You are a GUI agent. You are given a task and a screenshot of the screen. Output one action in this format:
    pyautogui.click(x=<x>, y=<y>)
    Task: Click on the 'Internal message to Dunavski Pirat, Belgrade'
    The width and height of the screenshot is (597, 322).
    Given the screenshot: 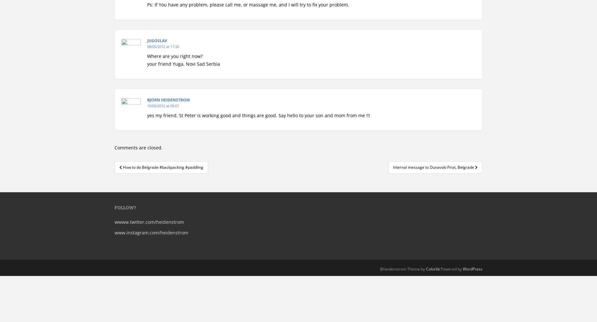 What is the action you would take?
    pyautogui.click(x=433, y=167)
    